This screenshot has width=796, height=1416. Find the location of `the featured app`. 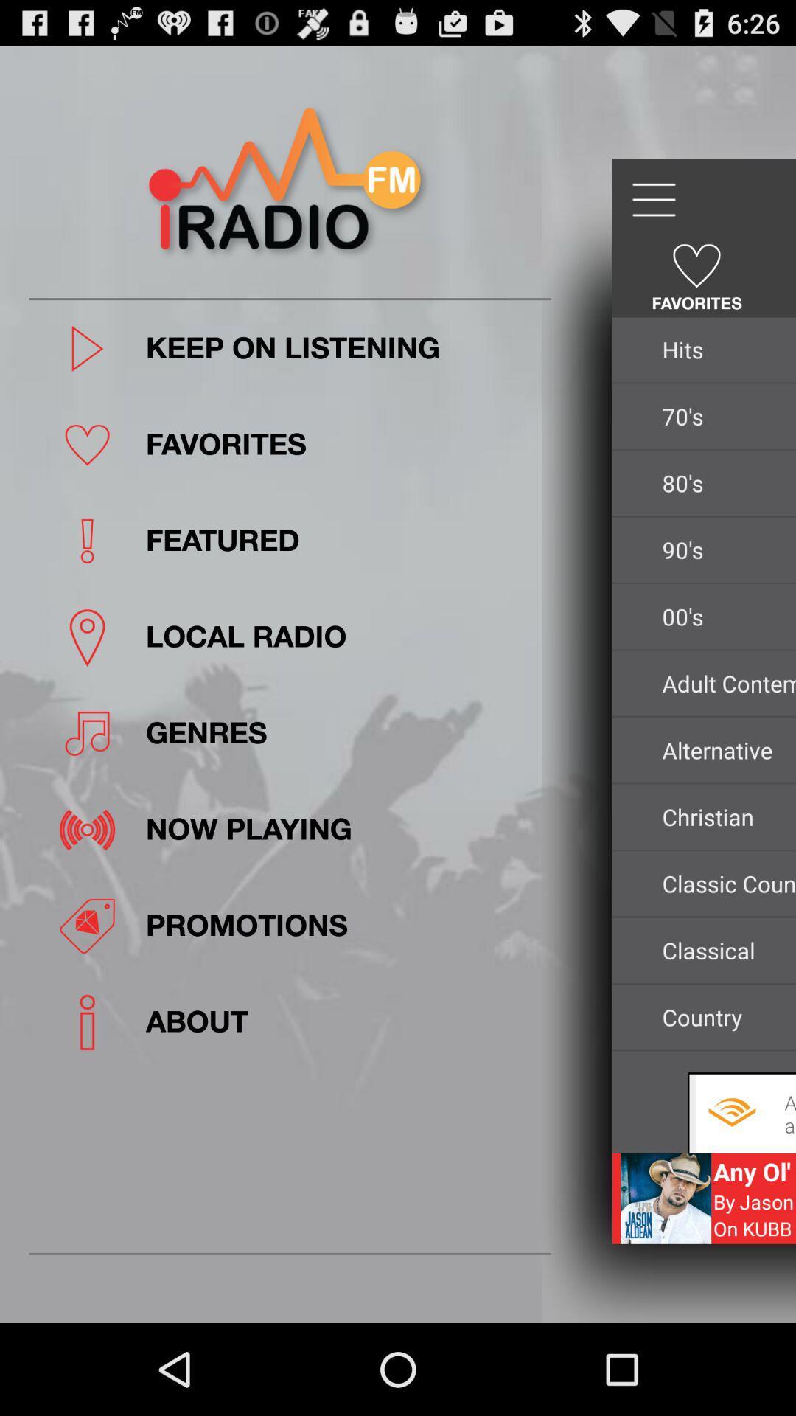

the featured app is located at coordinates (343, 540).